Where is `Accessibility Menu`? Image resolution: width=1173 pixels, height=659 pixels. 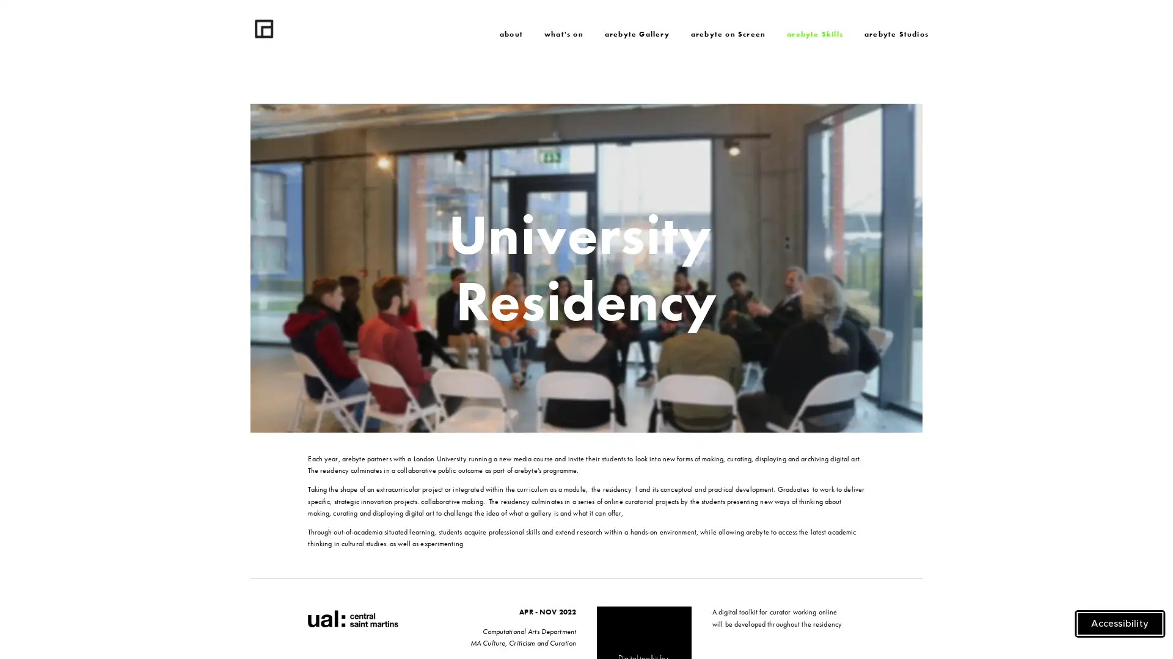 Accessibility Menu is located at coordinates (1120, 624).